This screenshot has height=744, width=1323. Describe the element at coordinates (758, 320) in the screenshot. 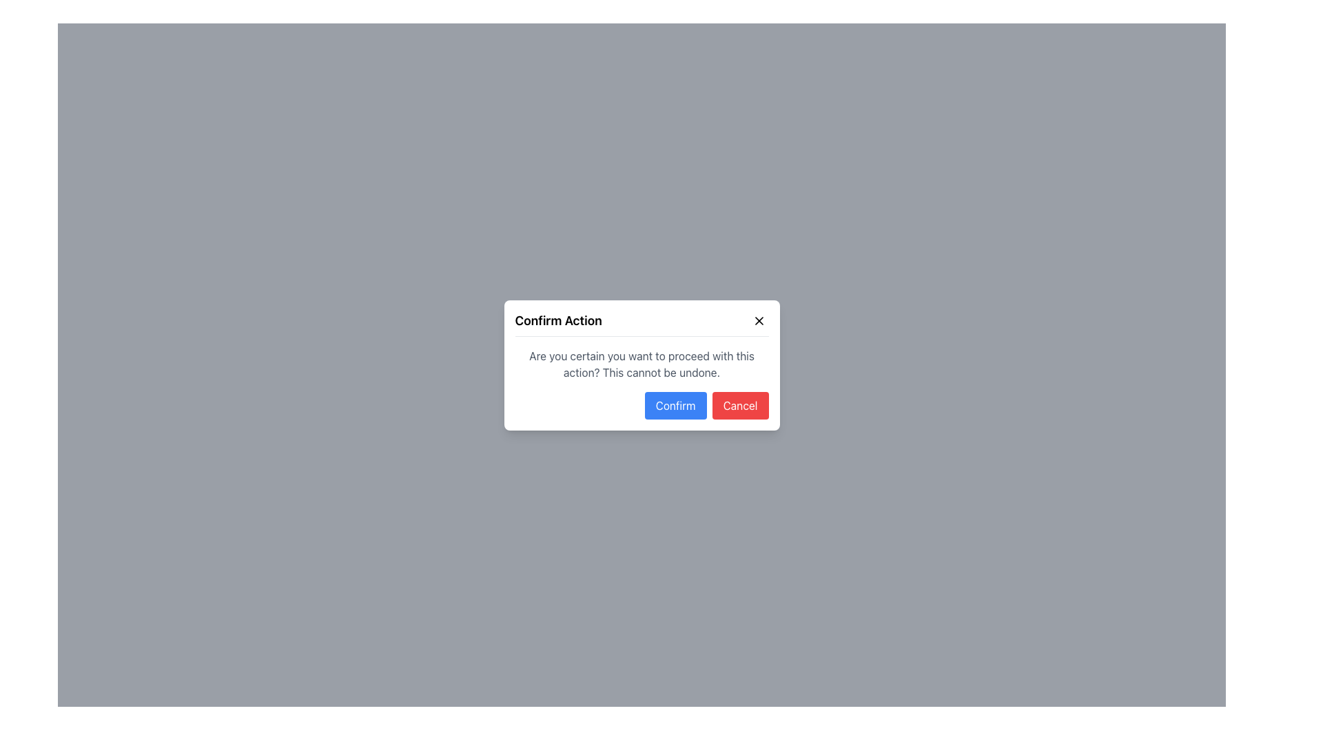

I see `the 'X' icon in the top-right corner of the modal dialog box` at that location.